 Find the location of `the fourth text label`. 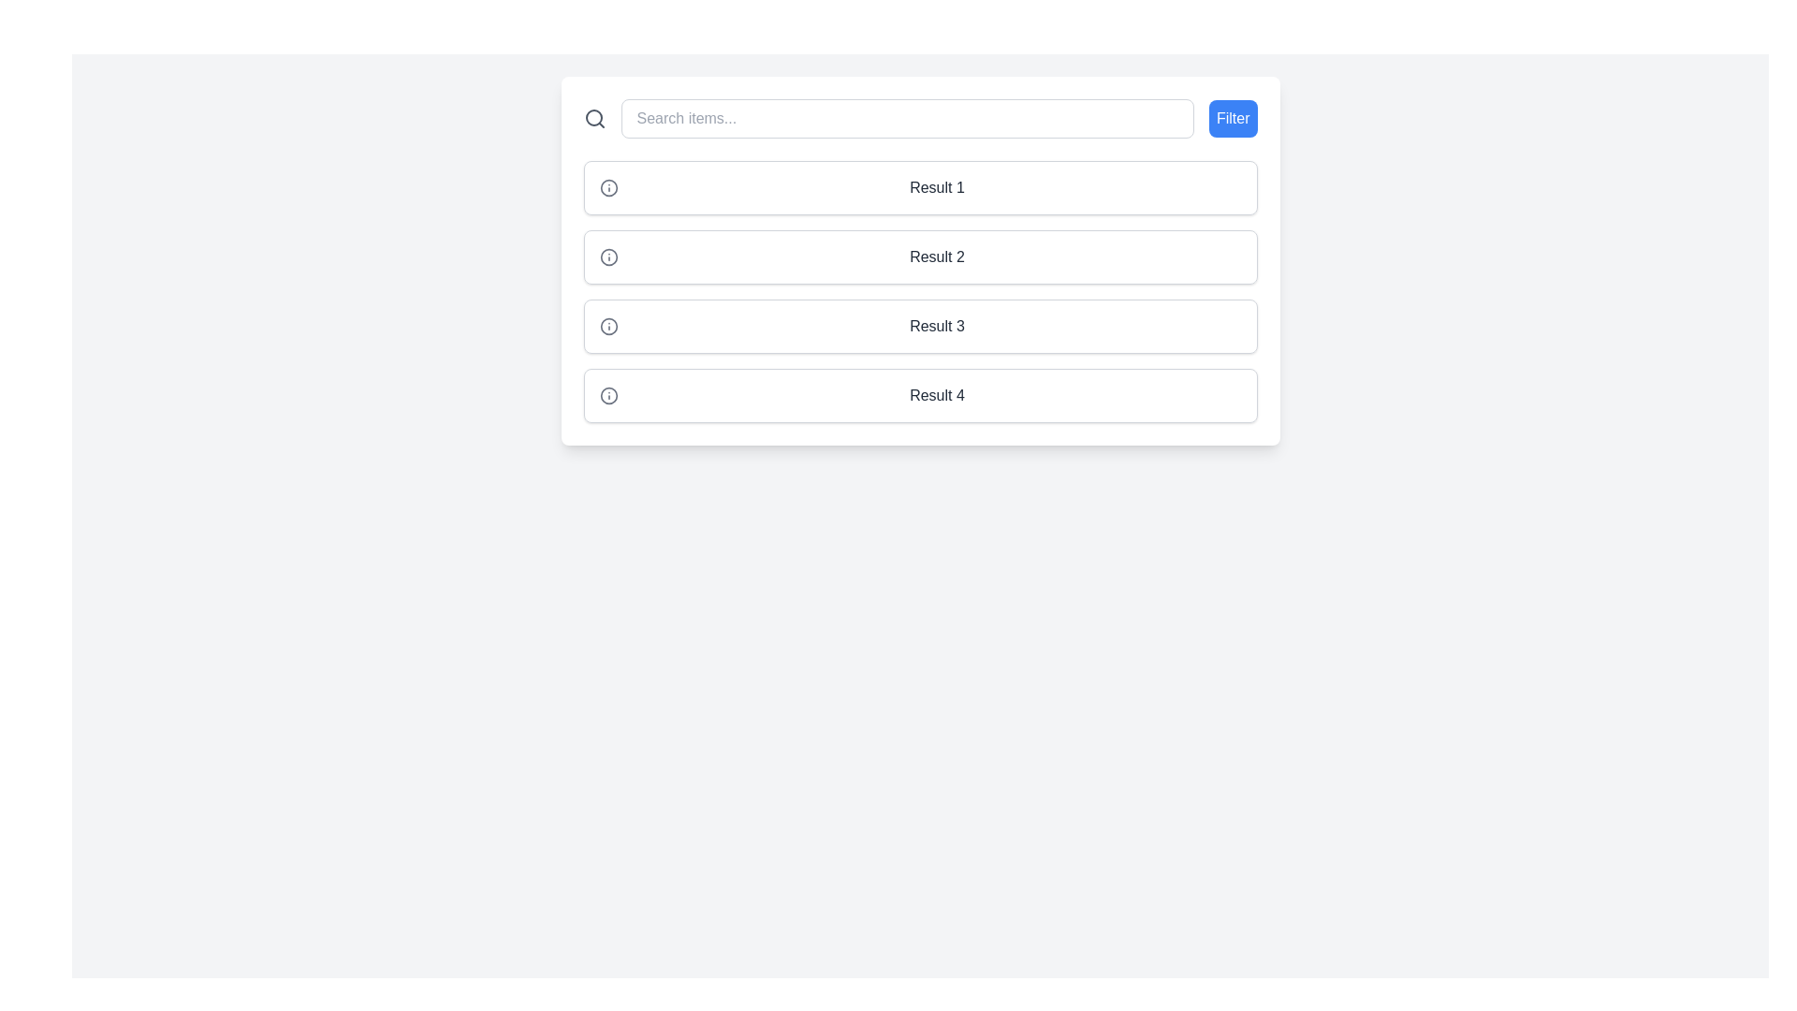

the fourth text label is located at coordinates (937, 395).